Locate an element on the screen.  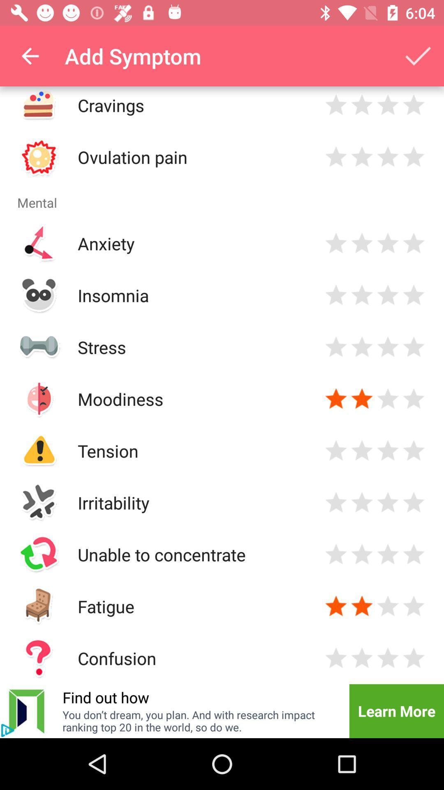
mark as two stars is located at coordinates (361, 105).